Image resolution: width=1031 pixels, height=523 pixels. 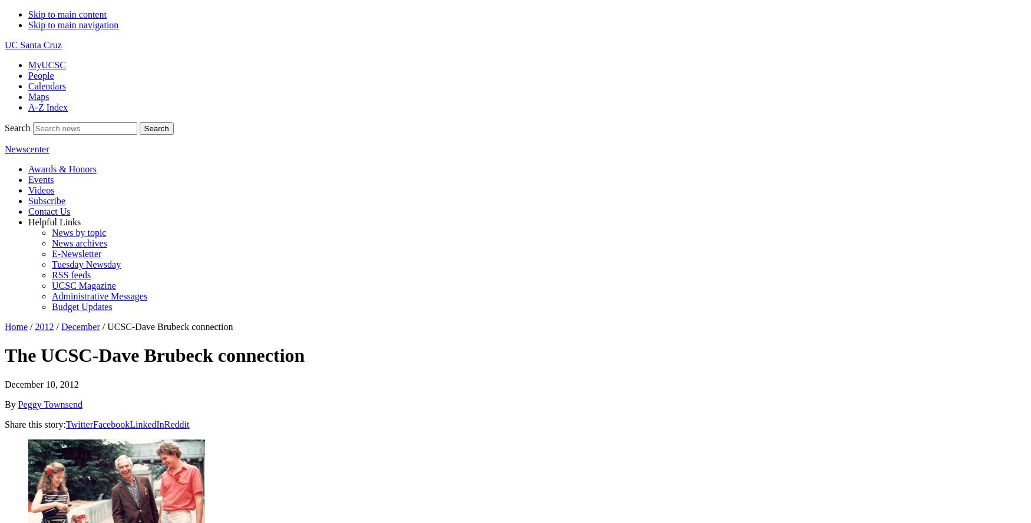 What do you see at coordinates (35, 423) in the screenshot?
I see `'Share this story:'` at bounding box center [35, 423].